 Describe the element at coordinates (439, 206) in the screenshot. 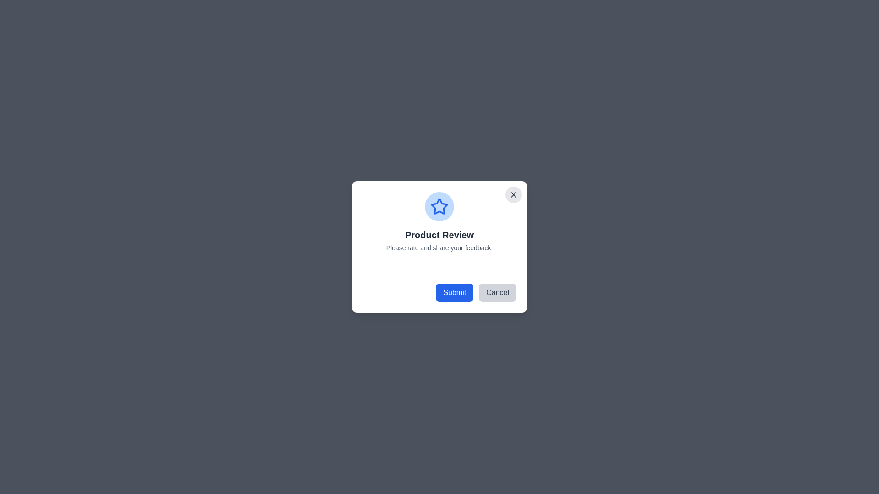

I see `the decorative rating or review icon located at the center of the modal dialog box, directly above the 'Product Review' text` at that location.